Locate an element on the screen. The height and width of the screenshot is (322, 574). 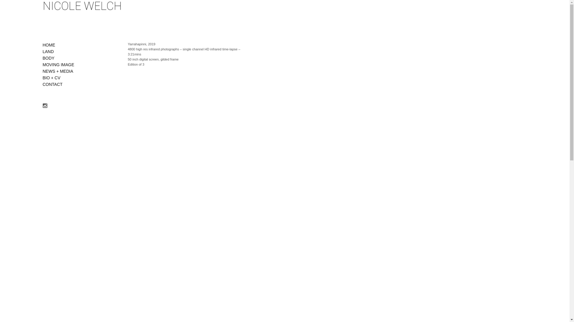
'BODY' is located at coordinates (48, 58).